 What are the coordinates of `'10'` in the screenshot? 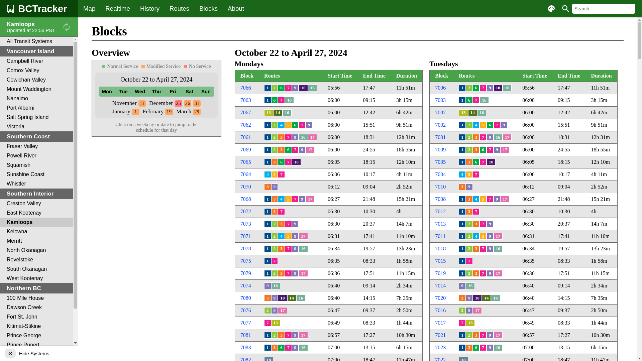 It's located at (494, 87).